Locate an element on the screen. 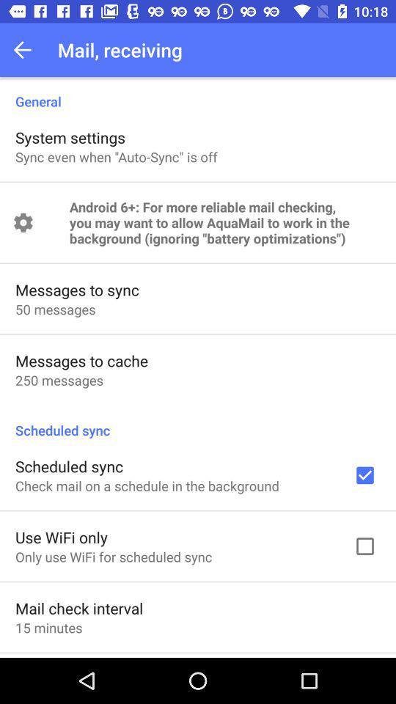 Image resolution: width=396 pixels, height=704 pixels. 250 messages is located at coordinates (59, 379).